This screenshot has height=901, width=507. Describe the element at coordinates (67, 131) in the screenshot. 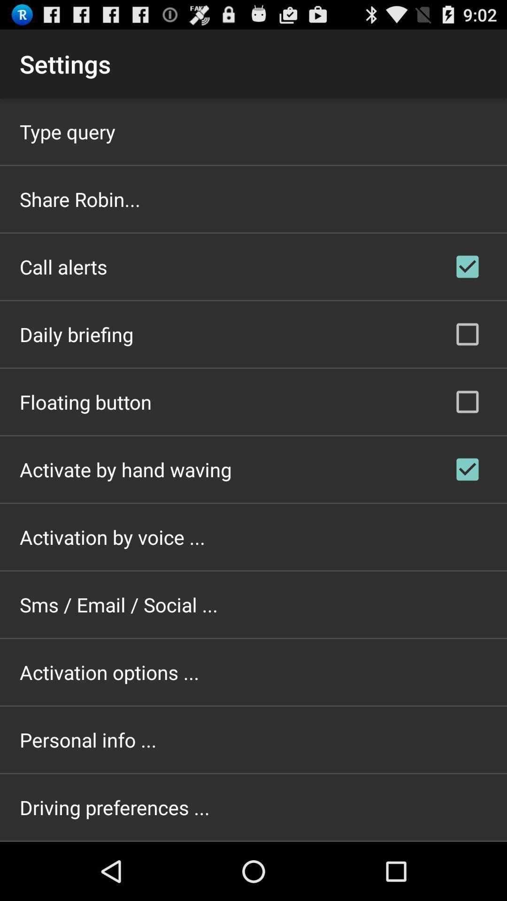

I see `the app above share robin... item` at that location.